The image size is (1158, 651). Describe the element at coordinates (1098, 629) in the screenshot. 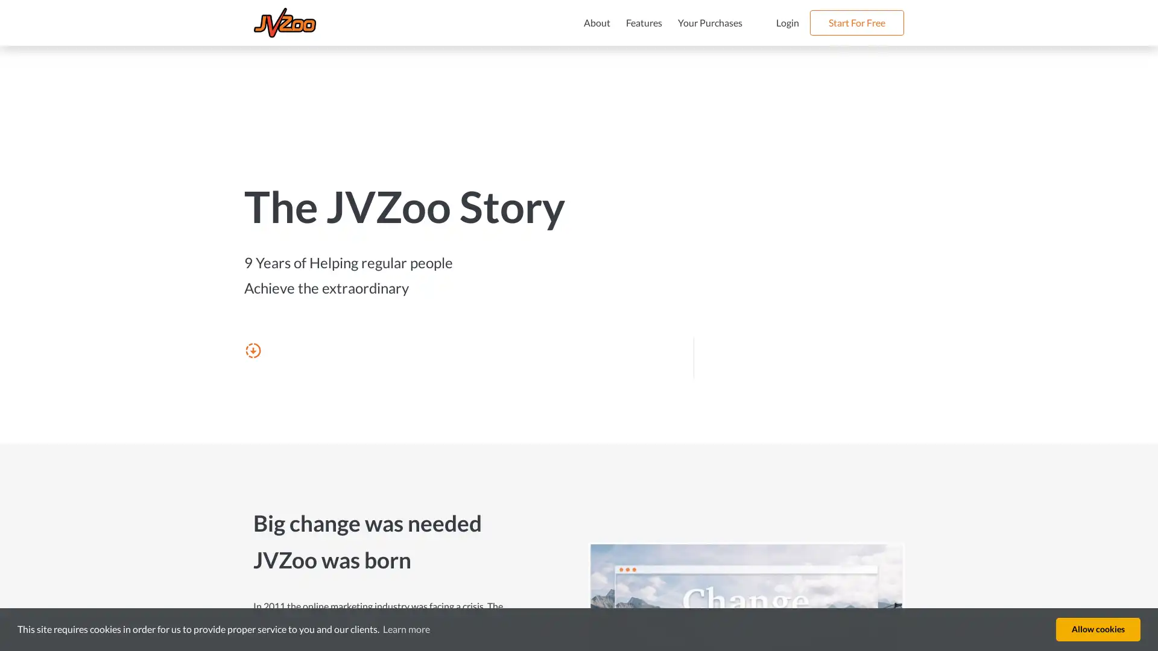

I see `allow cookies` at that location.